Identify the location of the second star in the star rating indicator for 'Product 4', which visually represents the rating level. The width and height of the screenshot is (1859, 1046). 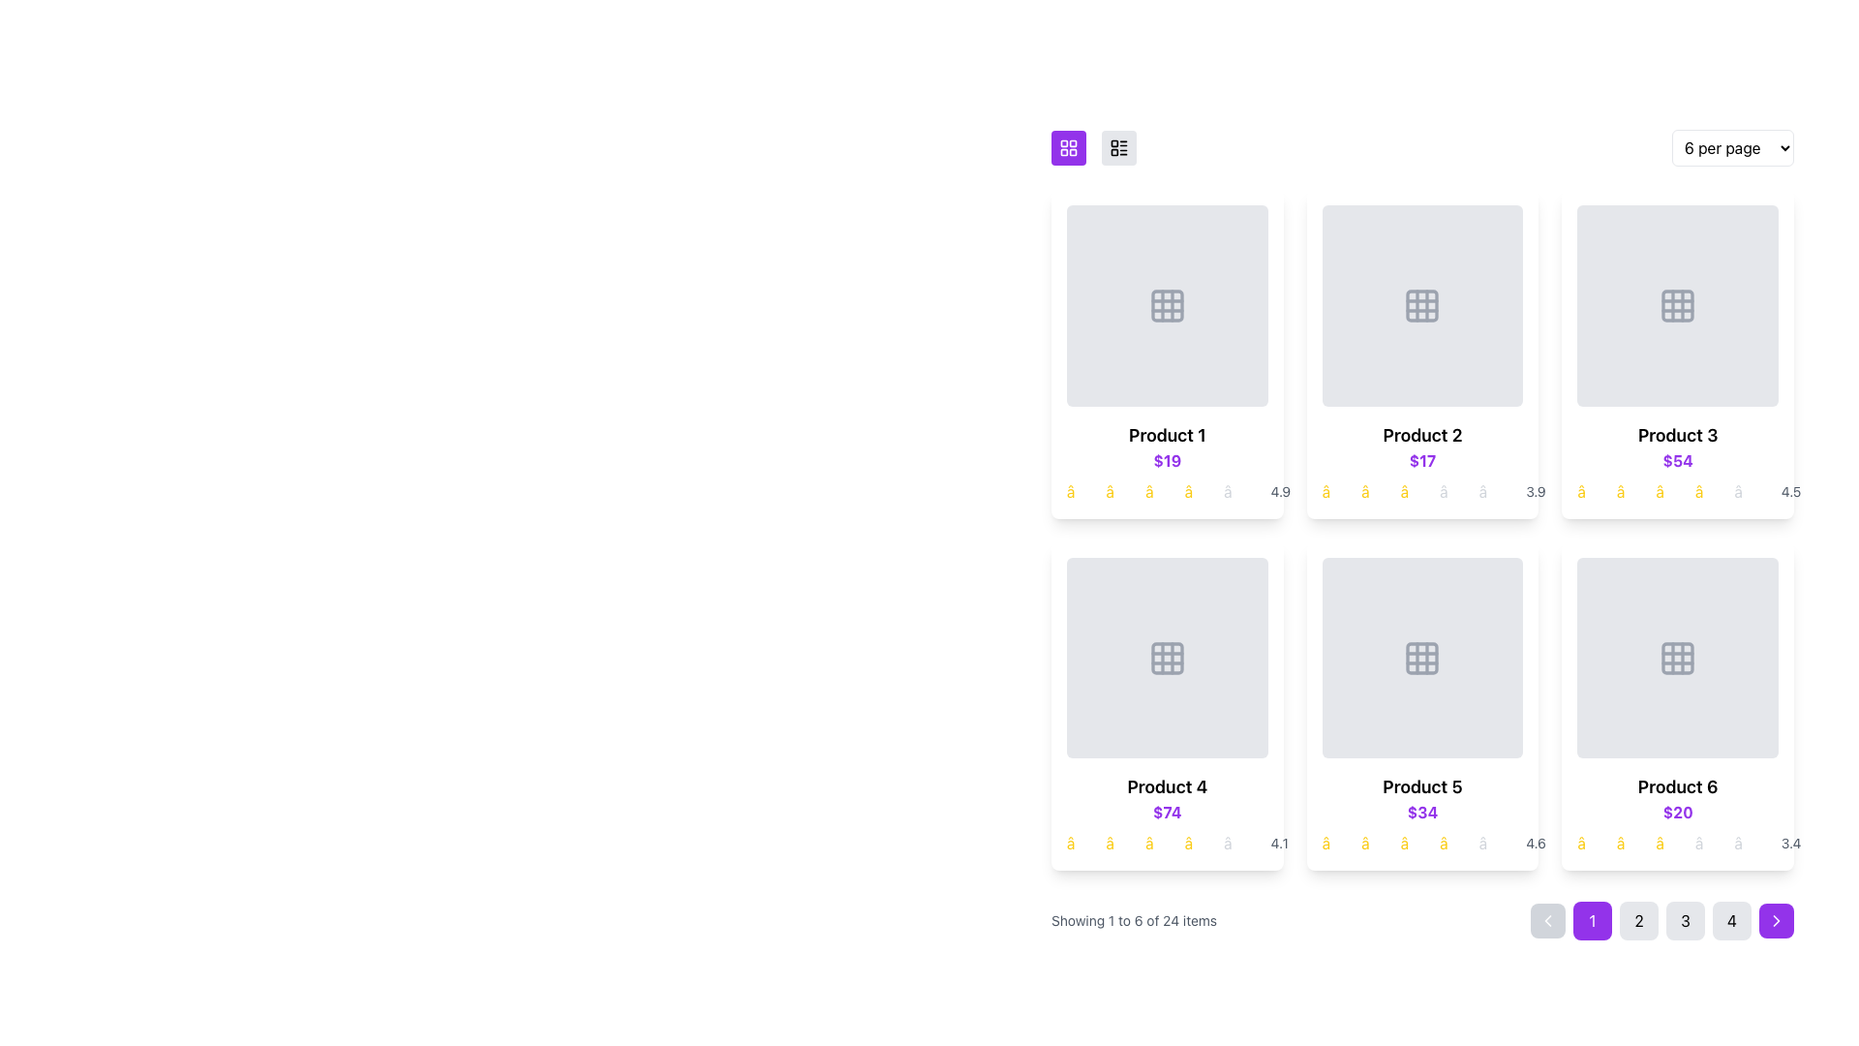
(1125, 843).